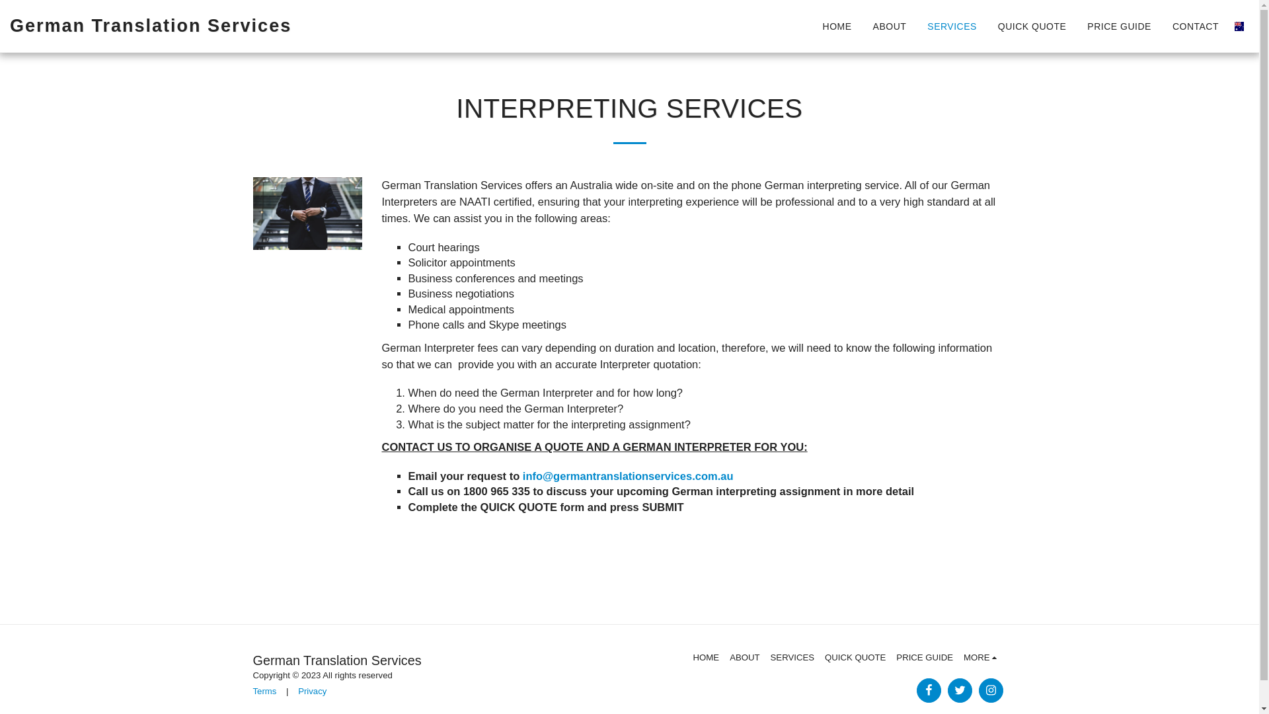 This screenshot has height=714, width=1269. What do you see at coordinates (890, 26) in the screenshot?
I see `'ABOUT'` at bounding box center [890, 26].